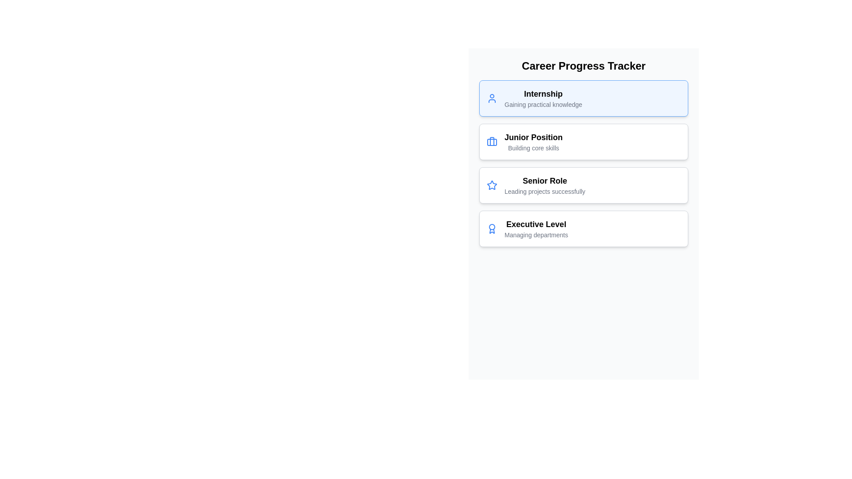 The image size is (852, 479). I want to click on the star icon to emphasize the 'Senior Role' entry, so click(491, 185).